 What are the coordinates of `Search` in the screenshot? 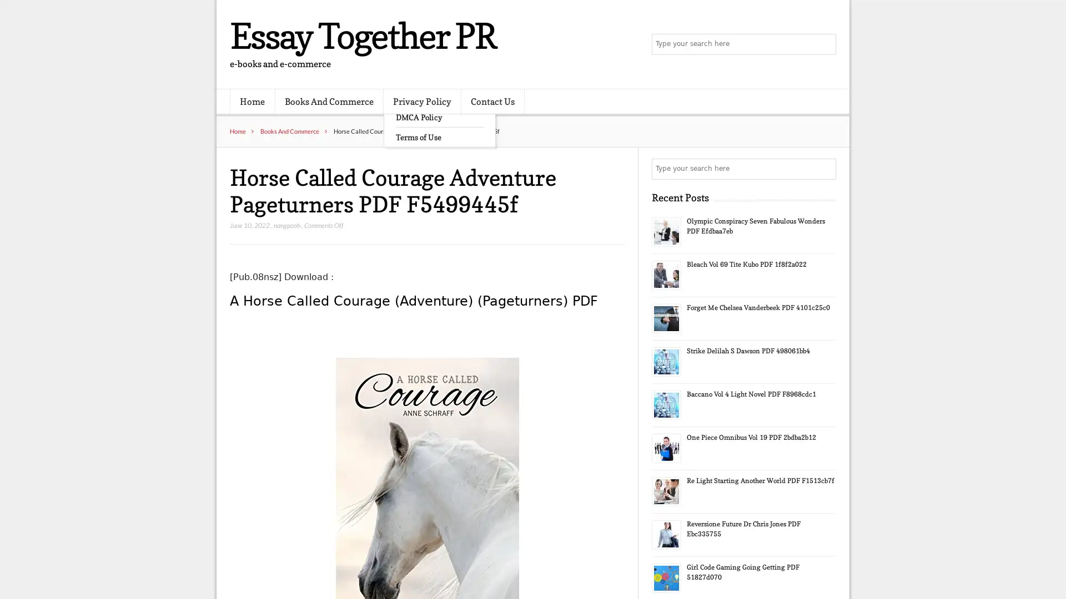 It's located at (824, 169).